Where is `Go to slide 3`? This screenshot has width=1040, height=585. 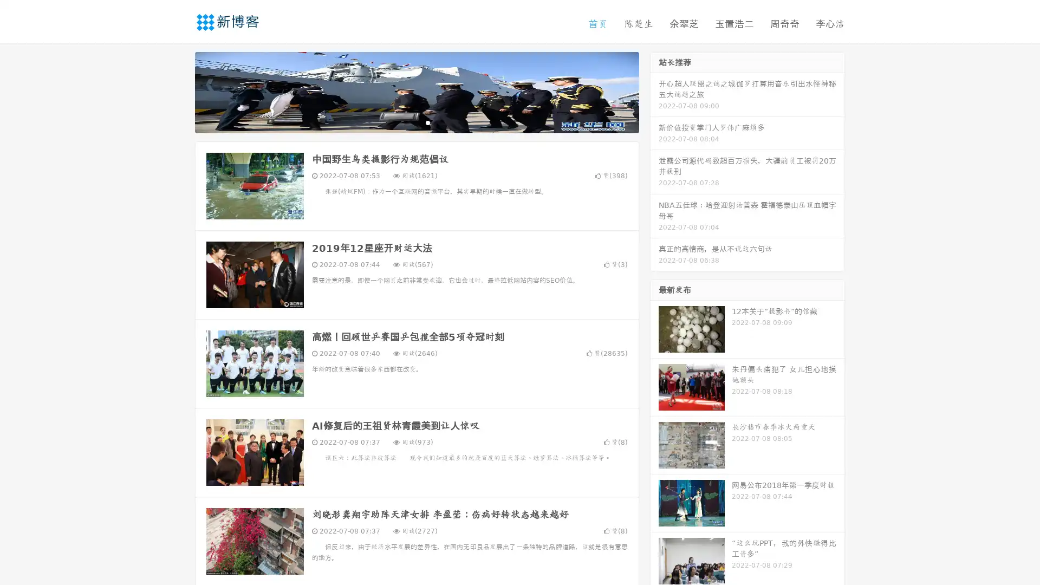
Go to slide 3 is located at coordinates (427, 122).